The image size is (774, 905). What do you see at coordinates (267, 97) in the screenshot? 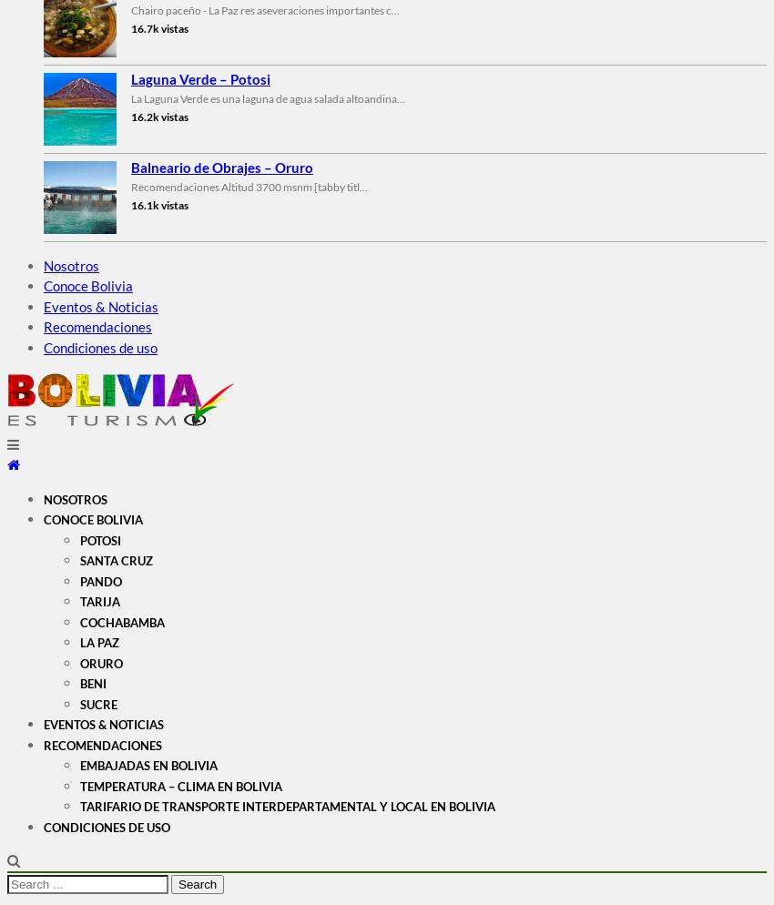
I see `'La Laguna Verde es una laguna de agua salada altoandina...'` at bounding box center [267, 97].